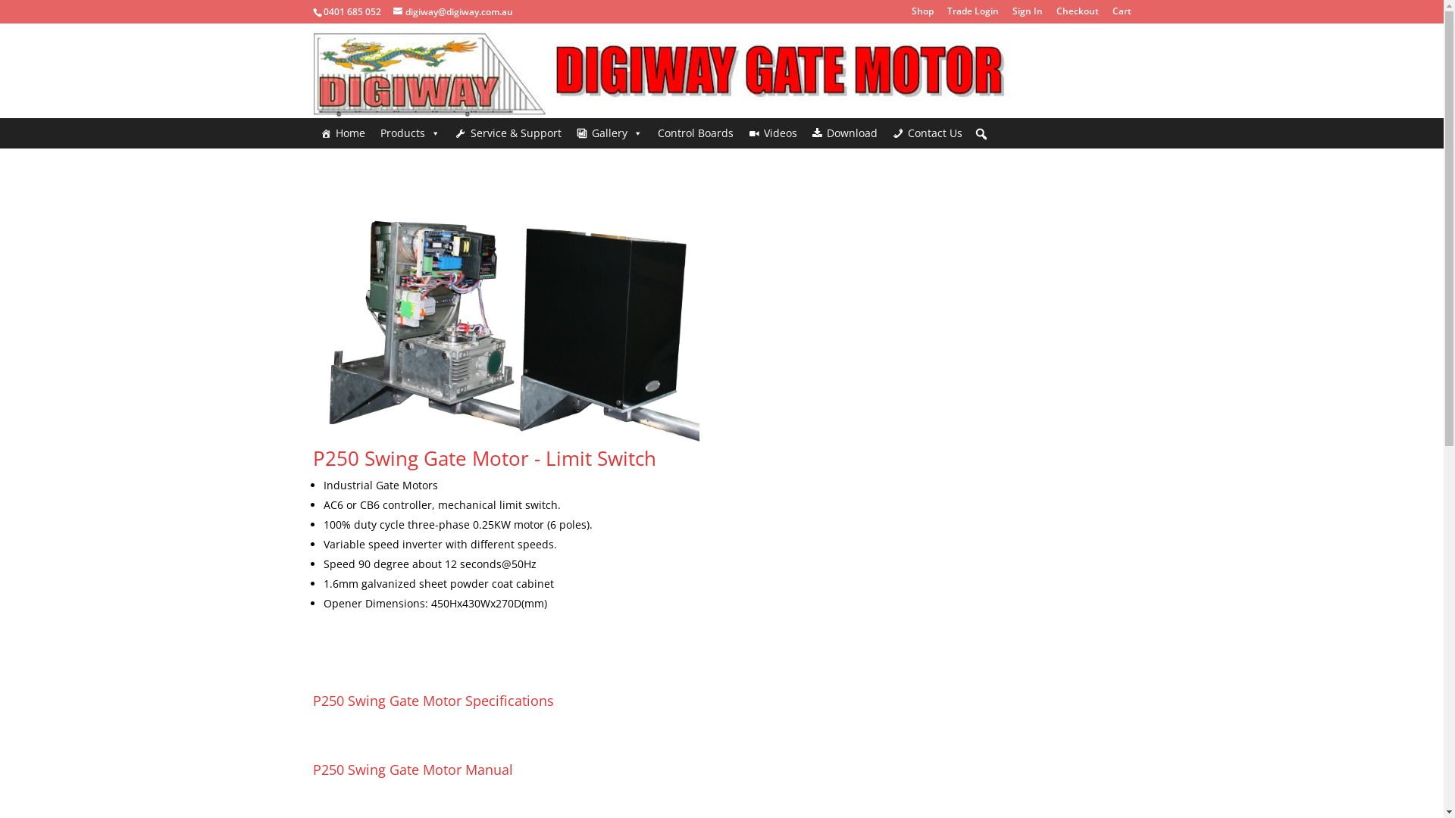 The width and height of the screenshot is (1455, 818). I want to click on 'Home', so click(341, 133).